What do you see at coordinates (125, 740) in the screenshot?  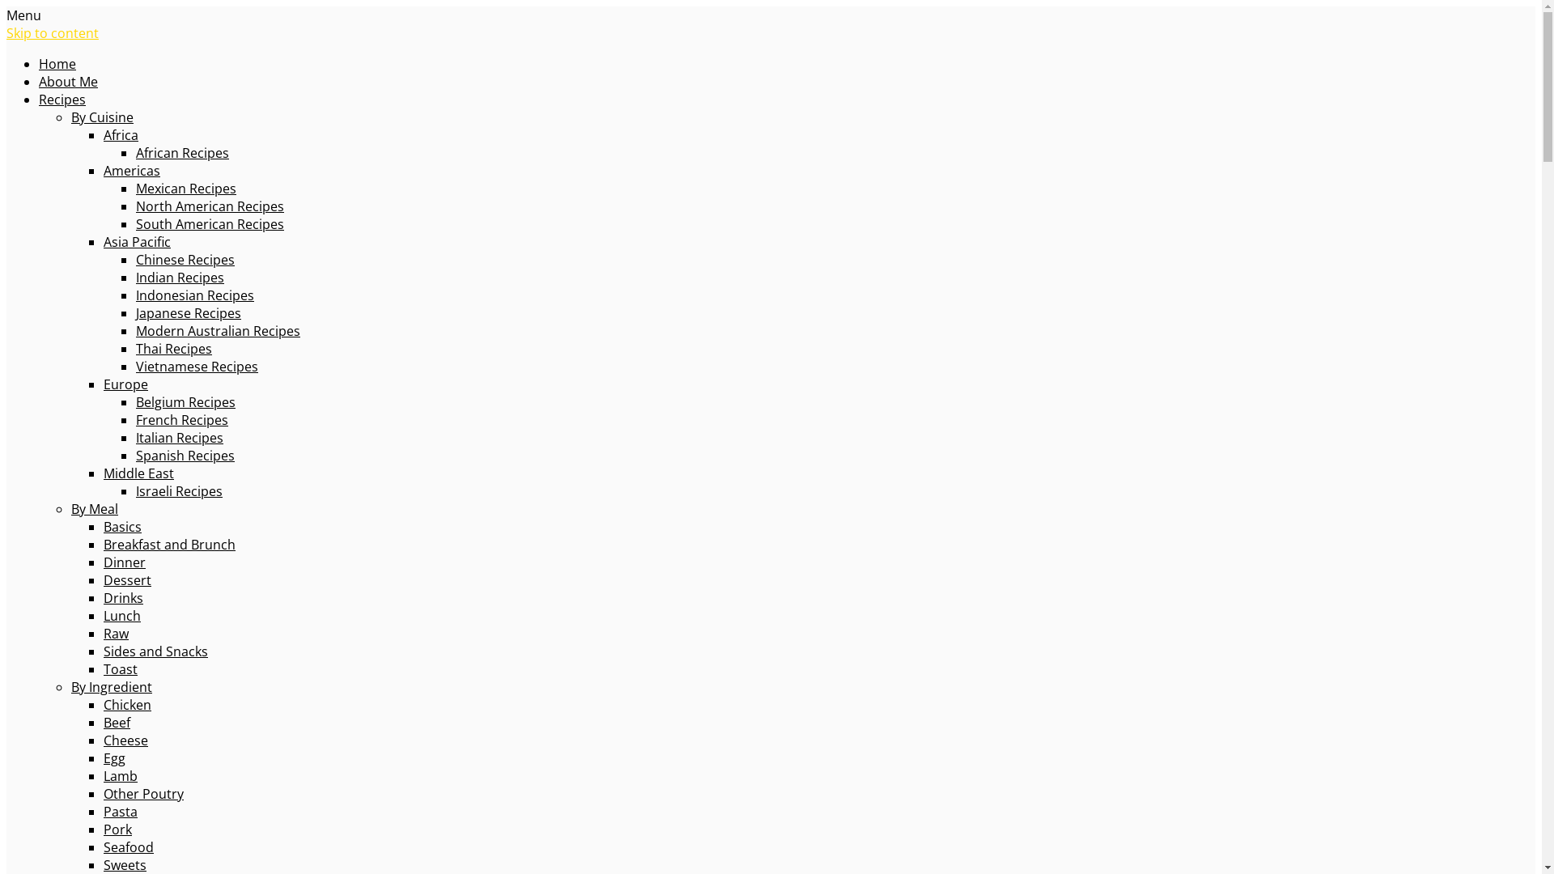 I see `'Cheese'` at bounding box center [125, 740].